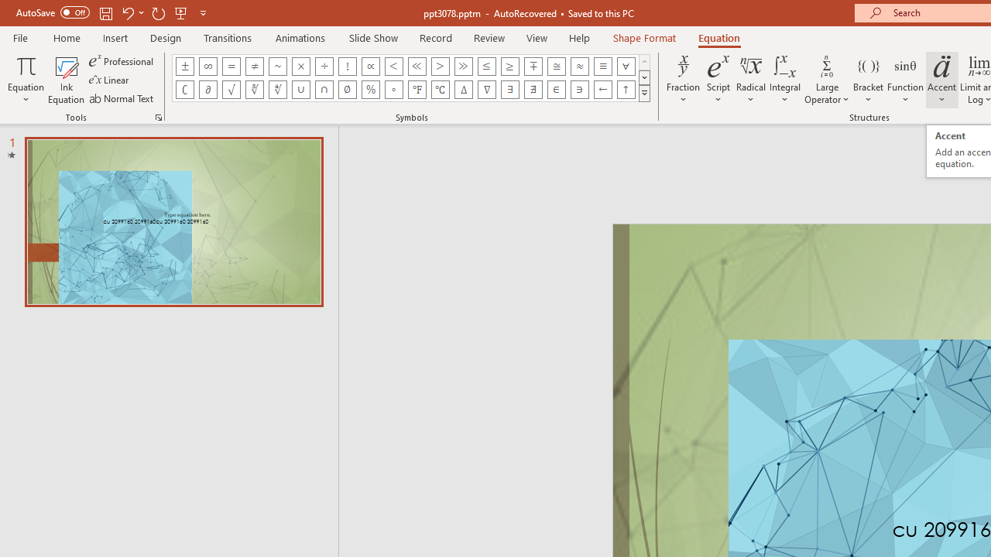  Describe the element at coordinates (751, 80) in the screenshot. I see `'Radical'` at that location.